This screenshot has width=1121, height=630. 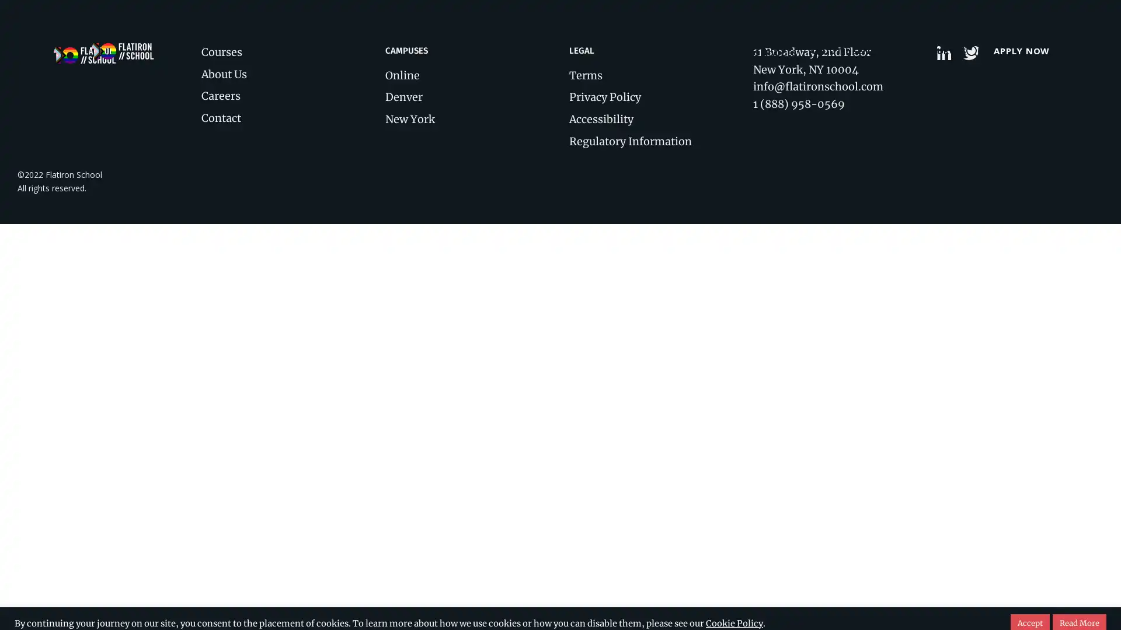 What do you see at coordinates (904, 50) in the screenshot?
I see `RESOURCES` at bounding box center [904, 50].